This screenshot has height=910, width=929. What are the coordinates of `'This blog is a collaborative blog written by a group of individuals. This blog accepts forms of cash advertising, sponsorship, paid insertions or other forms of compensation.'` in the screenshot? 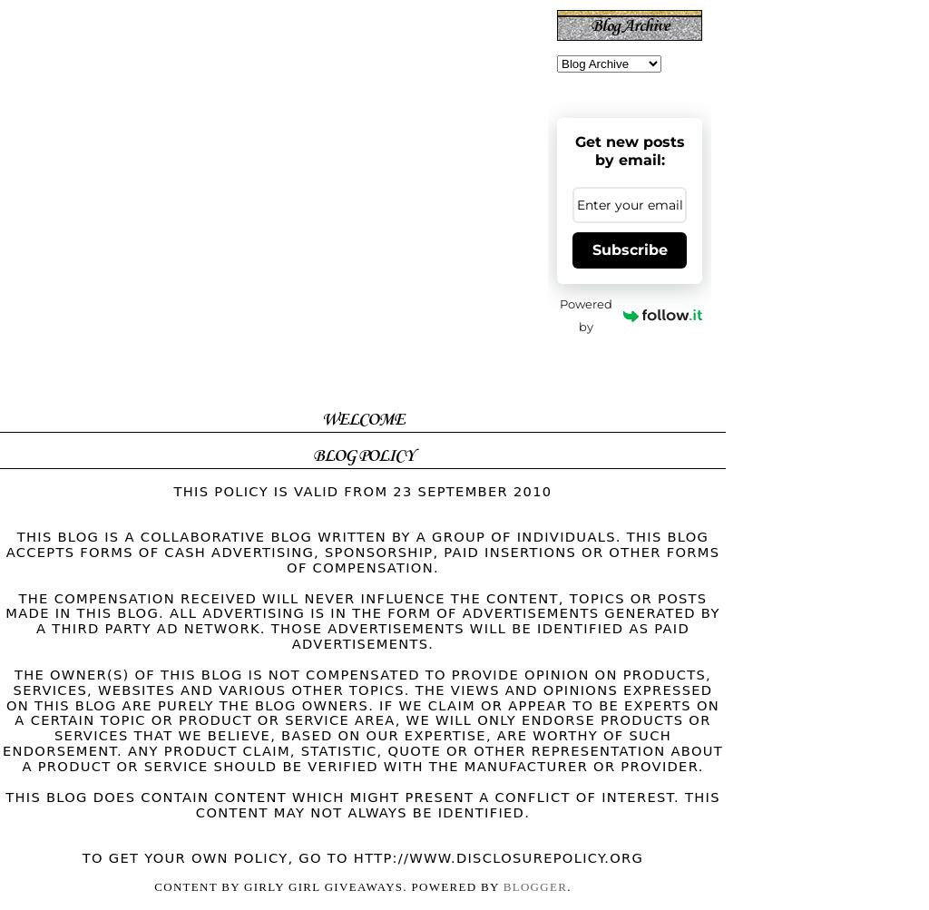 It's located at (361, 552).